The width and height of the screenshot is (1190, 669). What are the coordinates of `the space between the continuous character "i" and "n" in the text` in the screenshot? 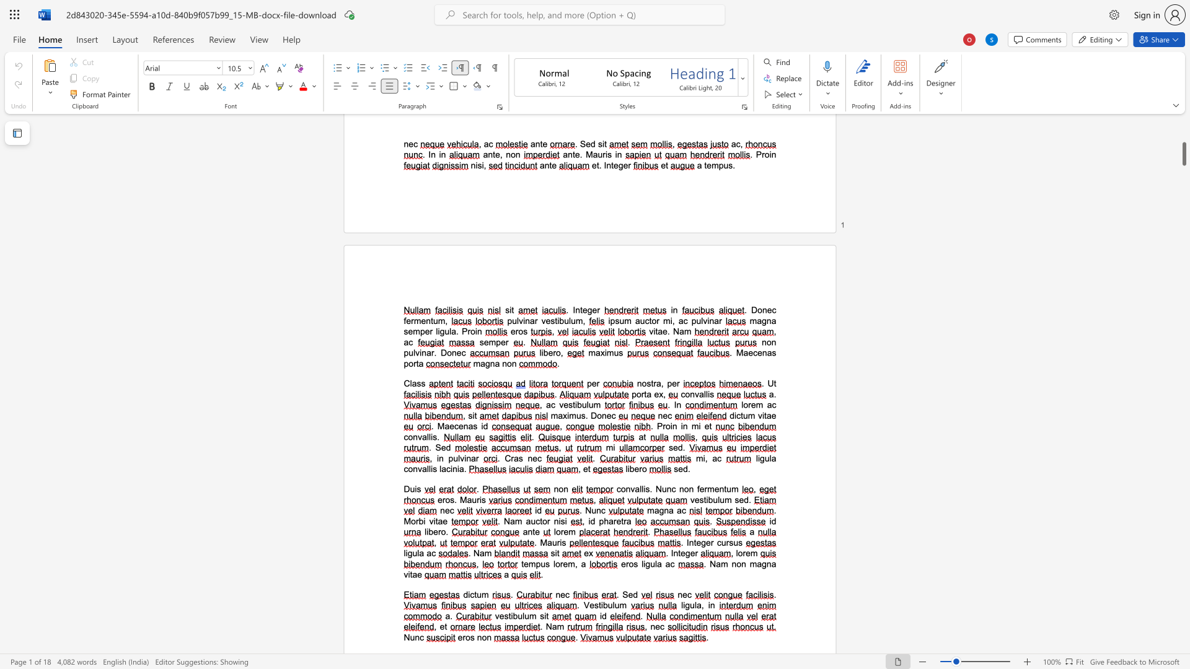 It's located at (452, 469).